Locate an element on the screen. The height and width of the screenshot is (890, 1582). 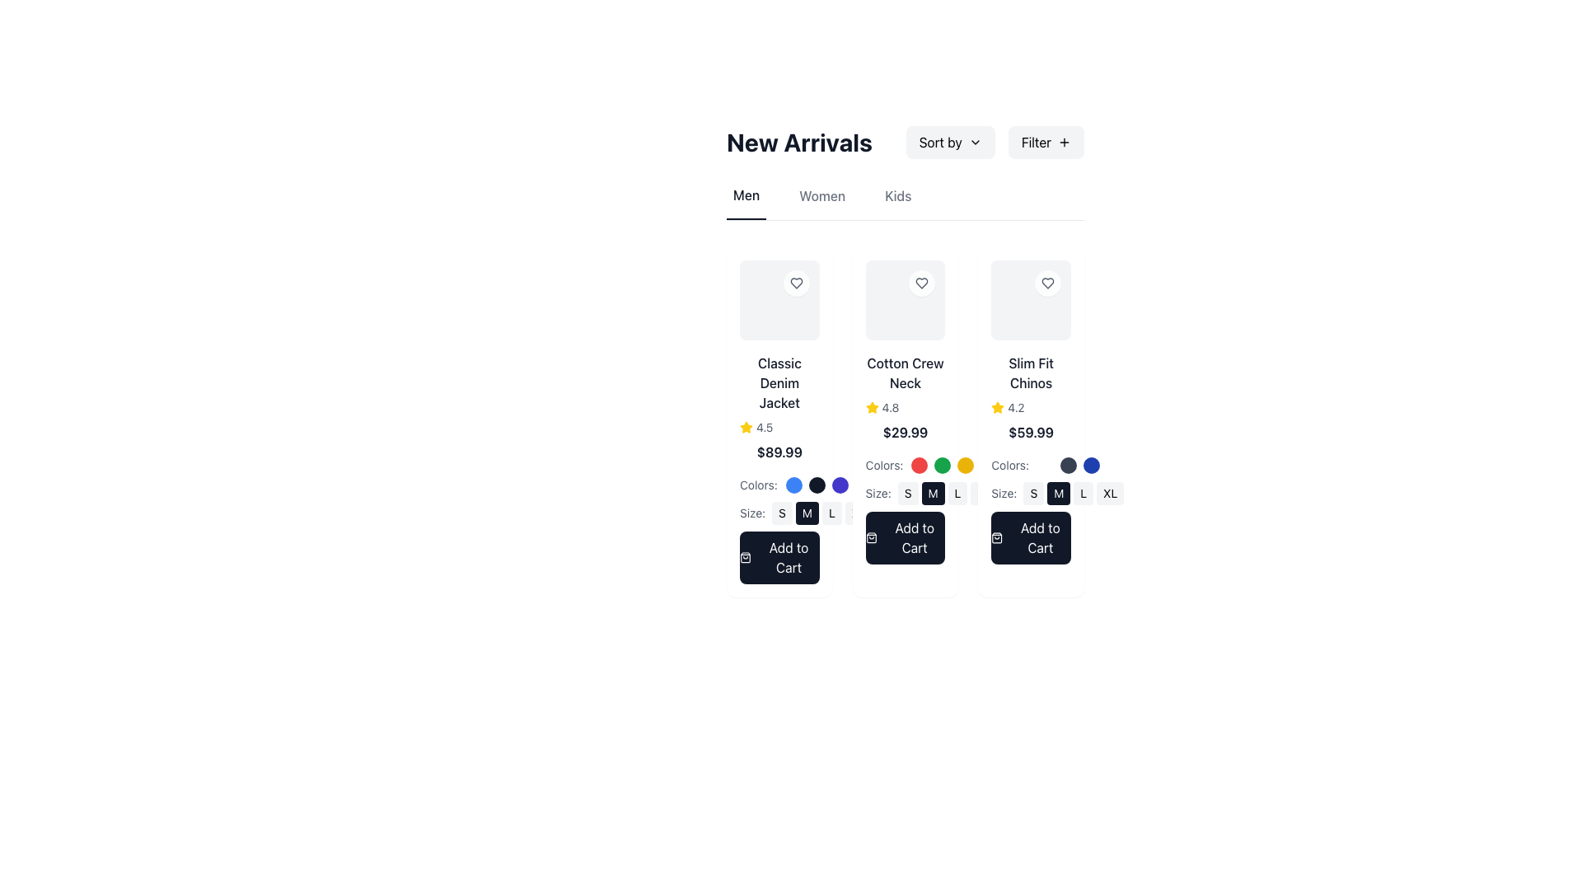
text of the label indicating the purpose of the interactive color options in the second product card, located below the product price and review ratings is located at coordinates (883, 465).